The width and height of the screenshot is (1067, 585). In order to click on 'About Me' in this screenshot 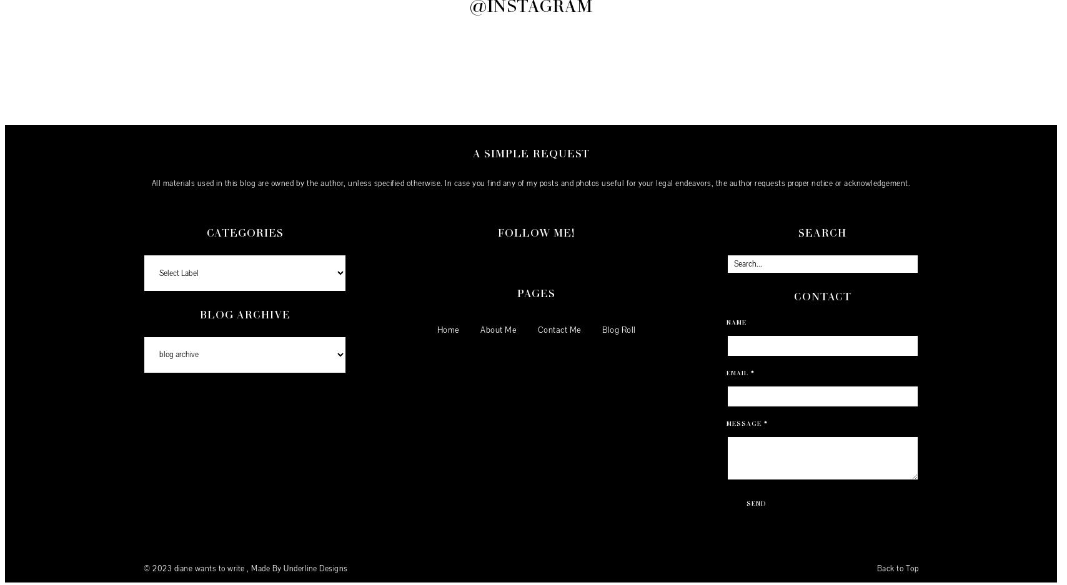, I will do `click(498, 328)`.